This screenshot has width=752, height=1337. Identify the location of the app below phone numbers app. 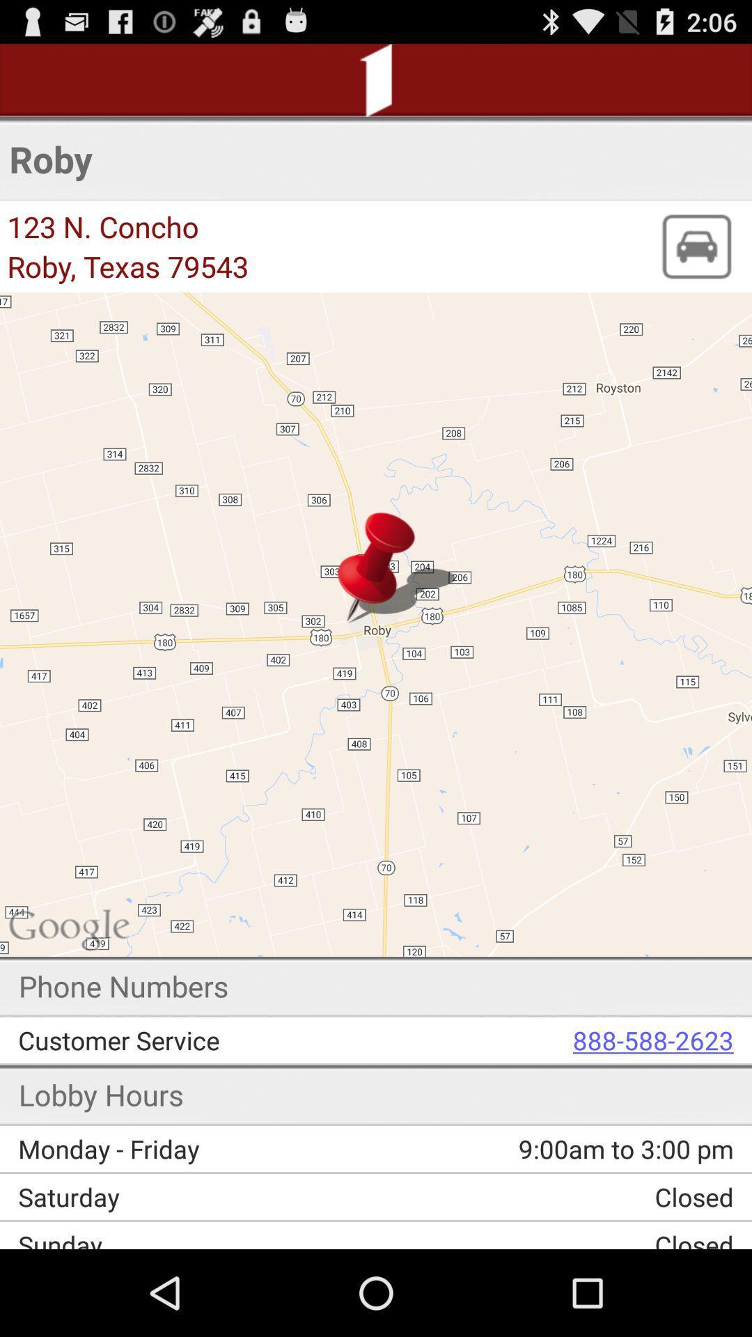
(207, 1040).